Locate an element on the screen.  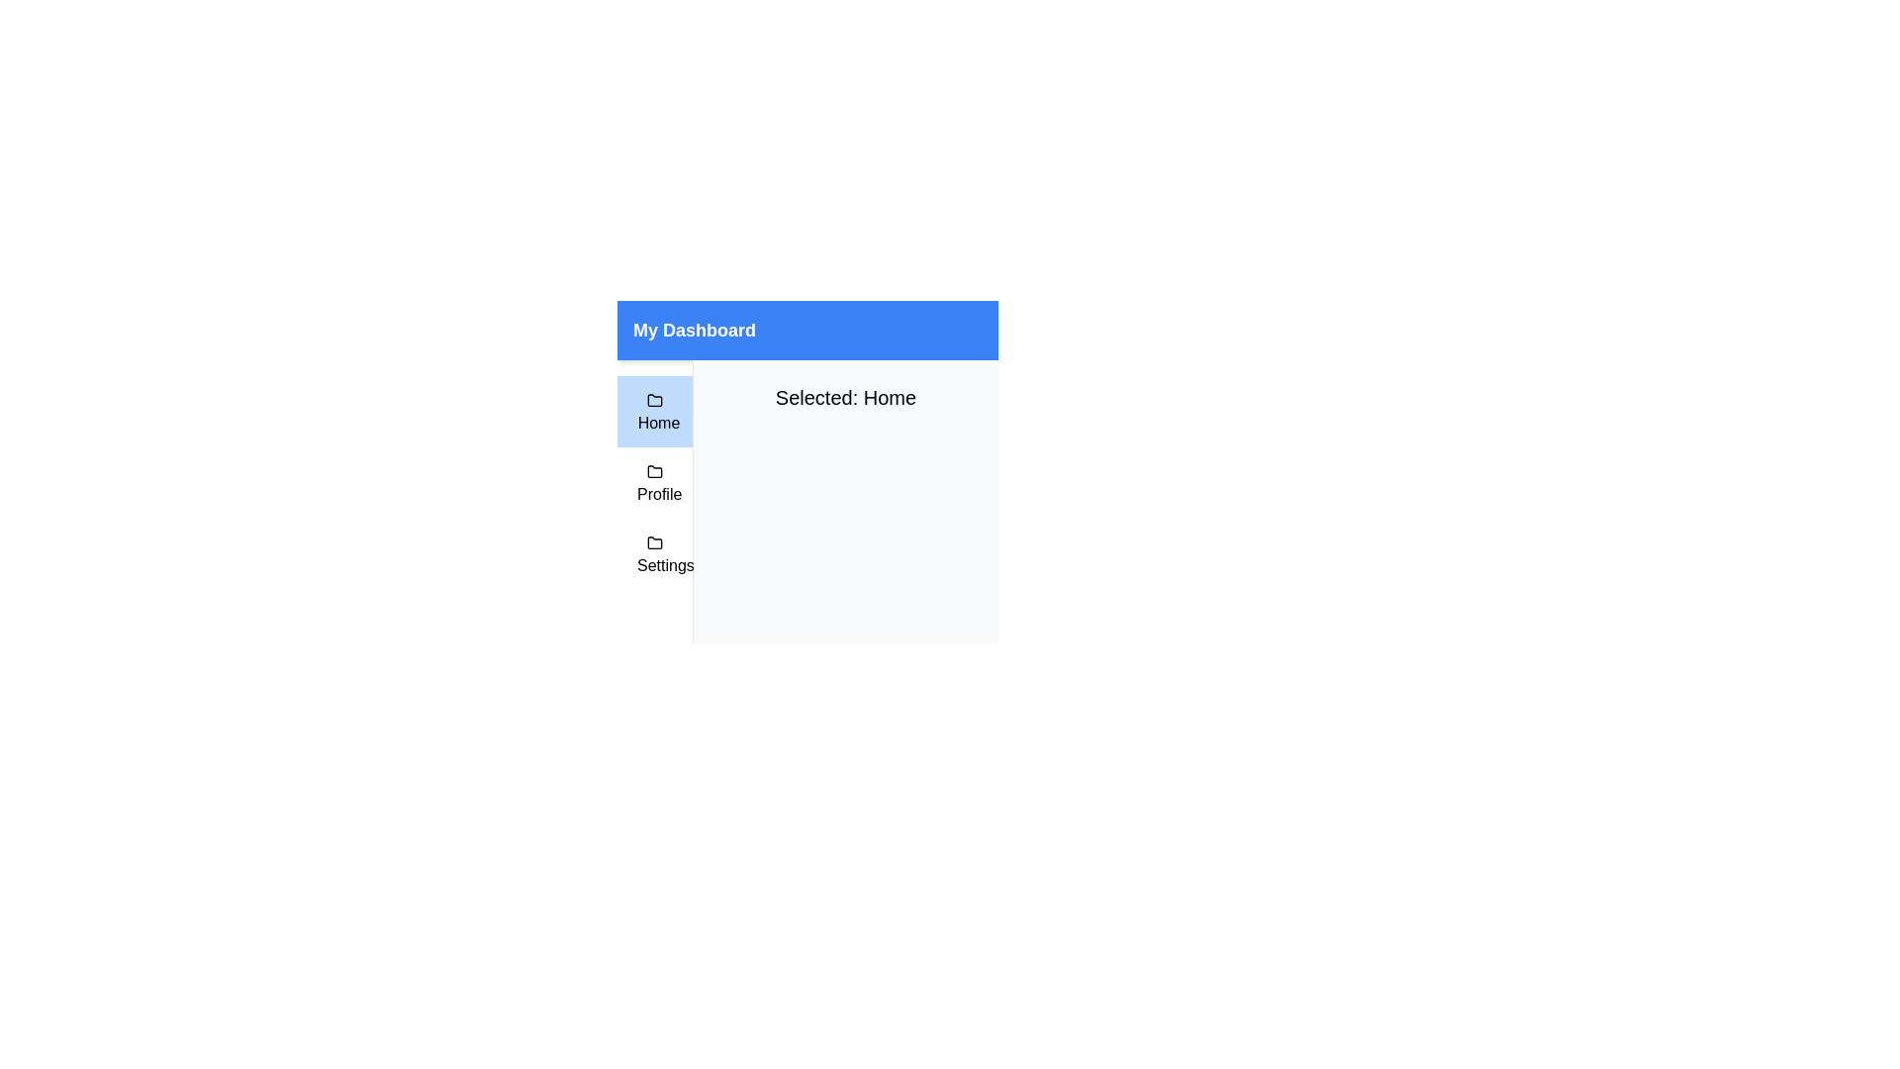
the folder icon element located to the left of the 'Profile' label in the vertical navigation bar is located at coordinates (655, 470).